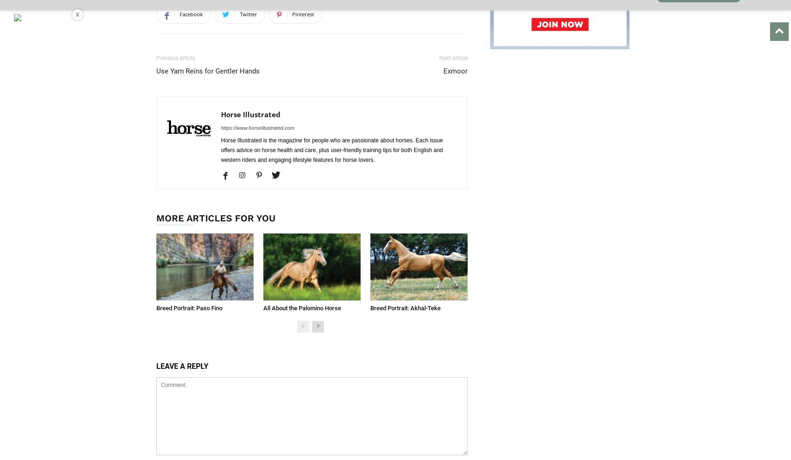 This screenshot has width=791, height=460. What do you see at coordinates (155, 58) in the screenshot?
I see `'Previous article'` at bounding box center [155, 58].